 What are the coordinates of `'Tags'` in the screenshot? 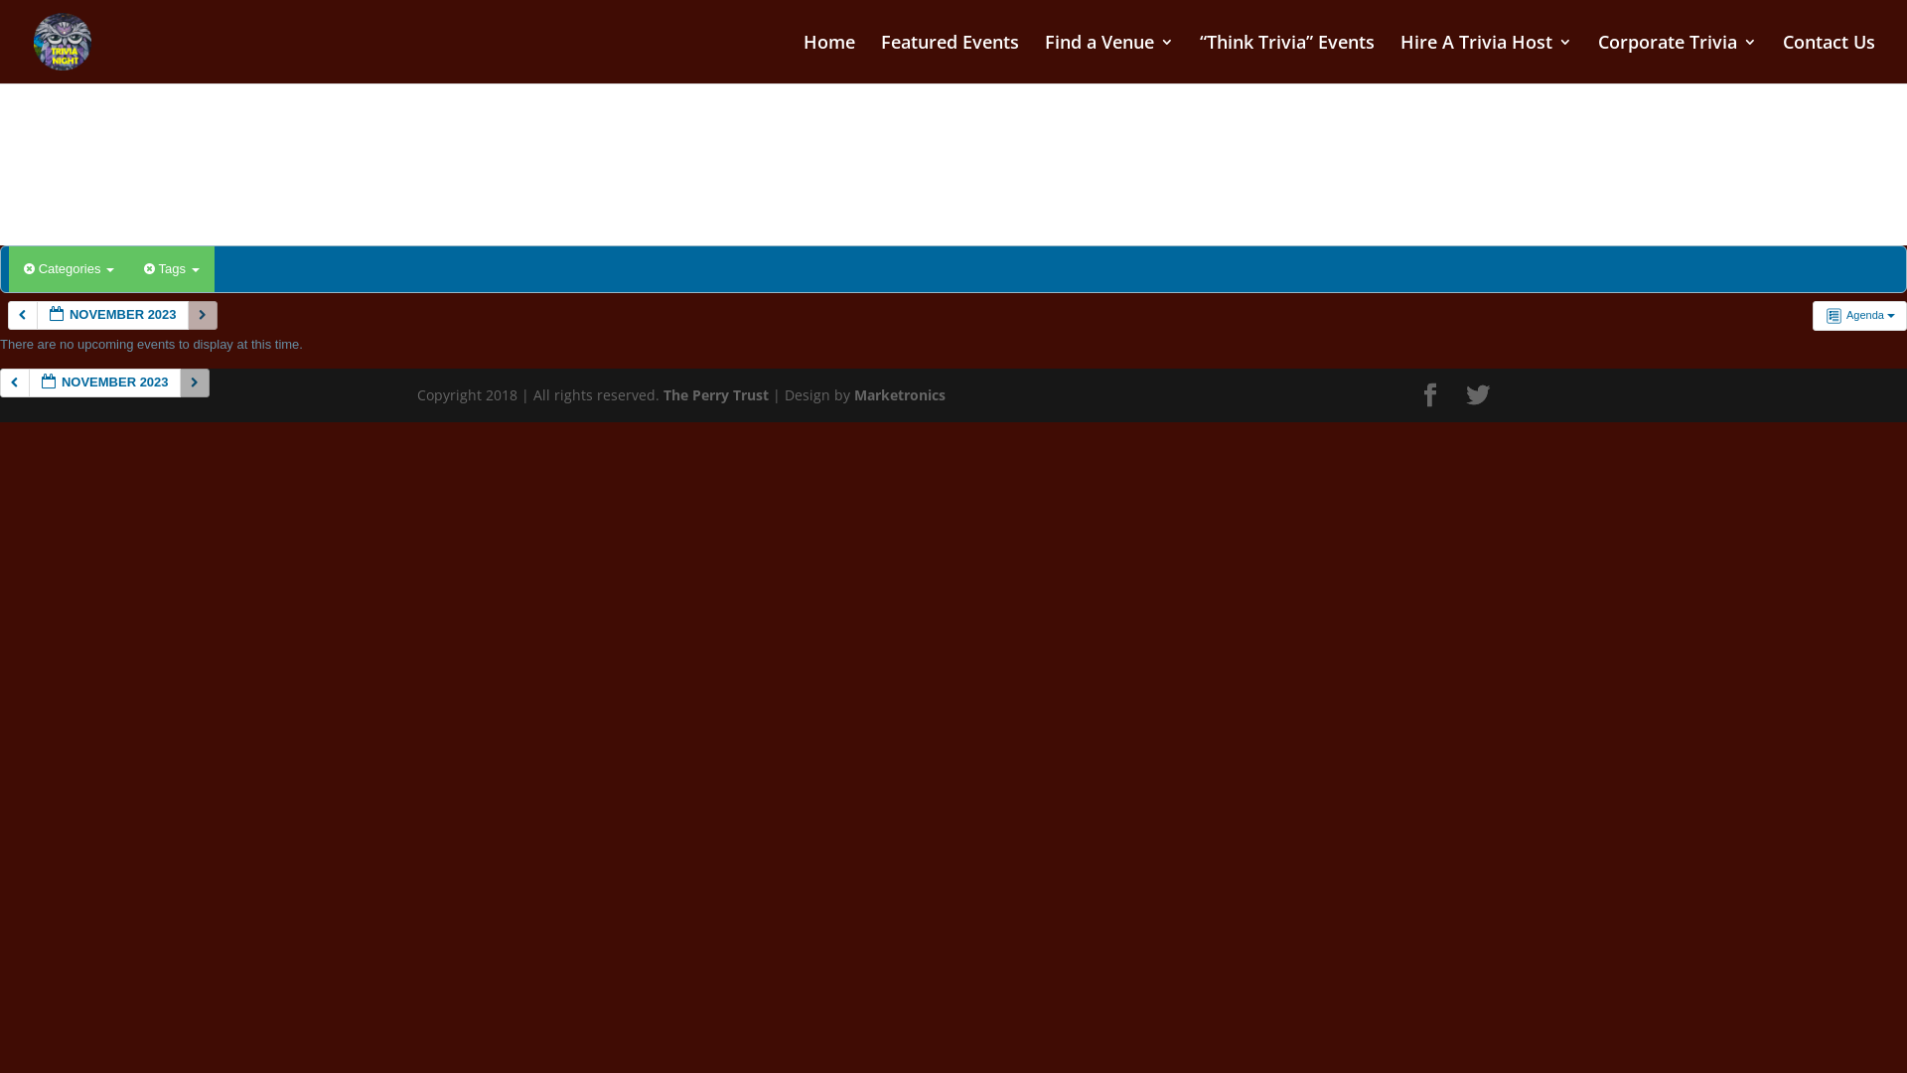 It's located at (171, 268).